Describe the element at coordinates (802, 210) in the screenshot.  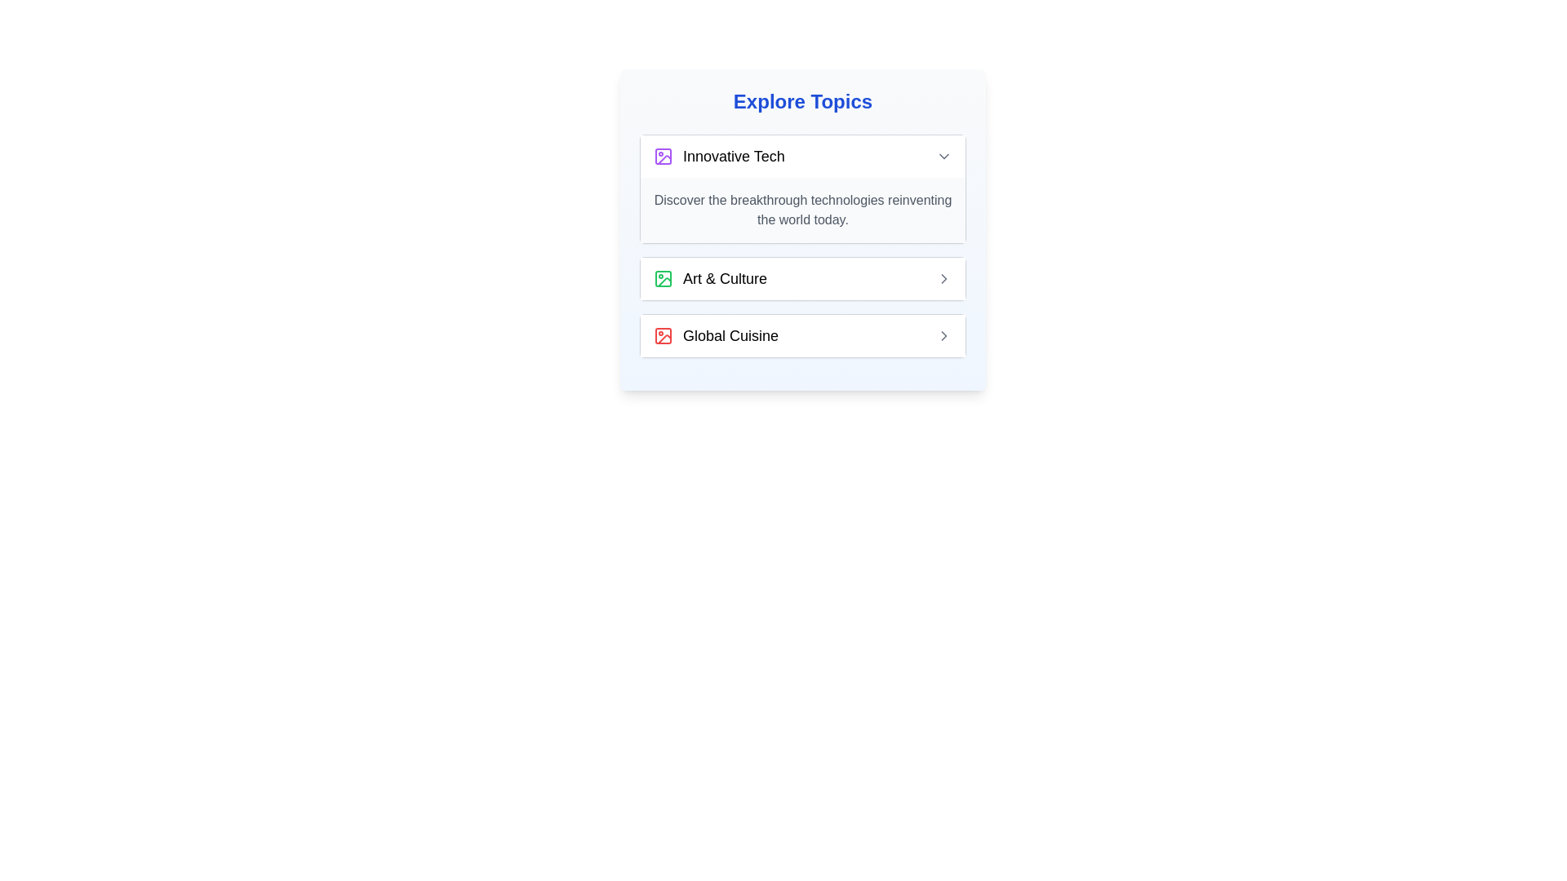
I see `text displayed in the Text block that says 'Discover the breakthrough technologies reinventing the world today.' which is located directly below the 'Innovative Tech' section header` at that location.